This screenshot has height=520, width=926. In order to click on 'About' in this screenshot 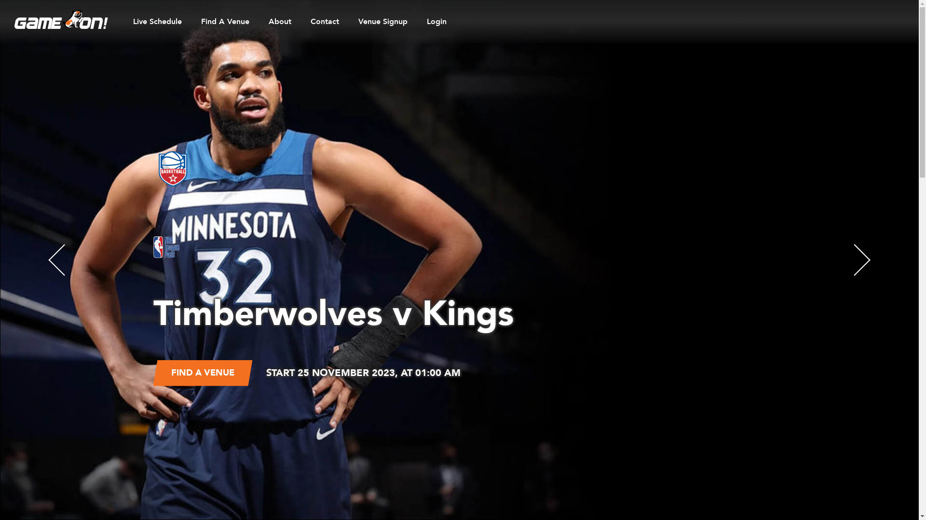, I will do `click(279, 22)`.